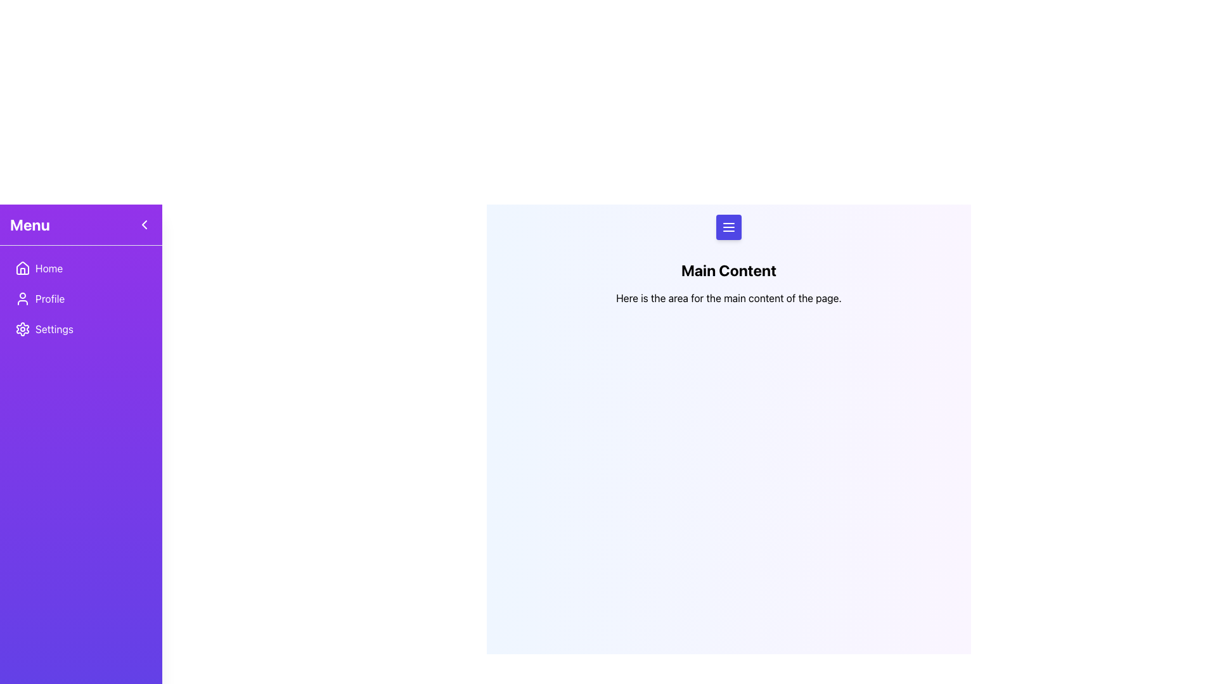  What do you see at coordinates (80, 329) in the screenshot?
I see `the 'Settings' button in the sidebar` at bounding box center [80, 329].